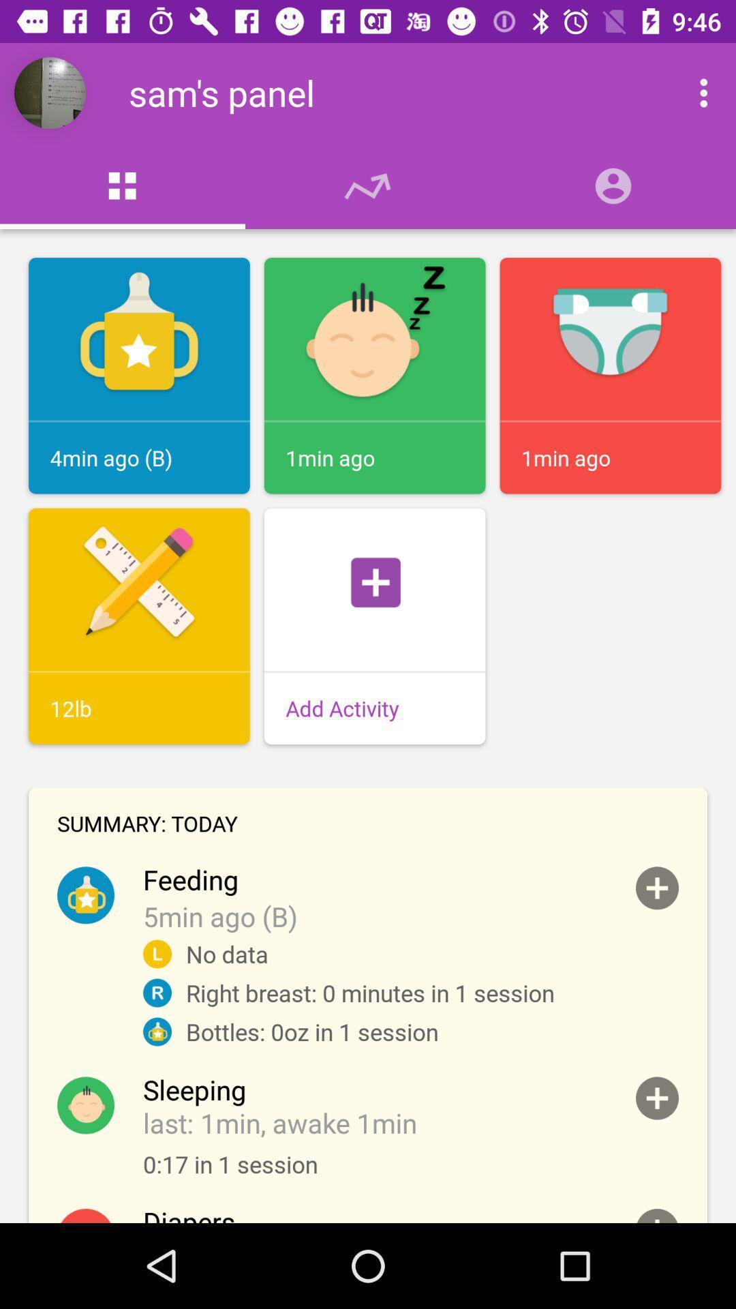  What do you see at coordinates (689, 92) in the screenshot?
I see `the more icon` at bounding box center [689, 92].